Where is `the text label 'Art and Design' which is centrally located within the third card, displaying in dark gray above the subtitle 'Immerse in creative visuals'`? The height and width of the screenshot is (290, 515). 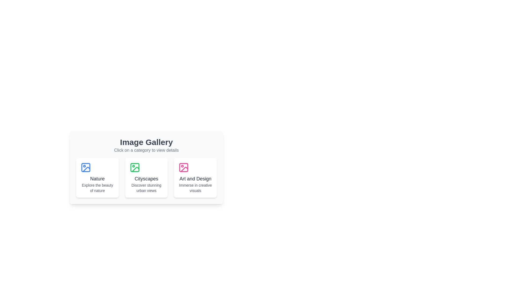
the text label 'Art and Design' which is centrally located within the third card, displaying in dark gray above the subtitle 'Immerse in creative visuals' is located at coordinates (195, 179).